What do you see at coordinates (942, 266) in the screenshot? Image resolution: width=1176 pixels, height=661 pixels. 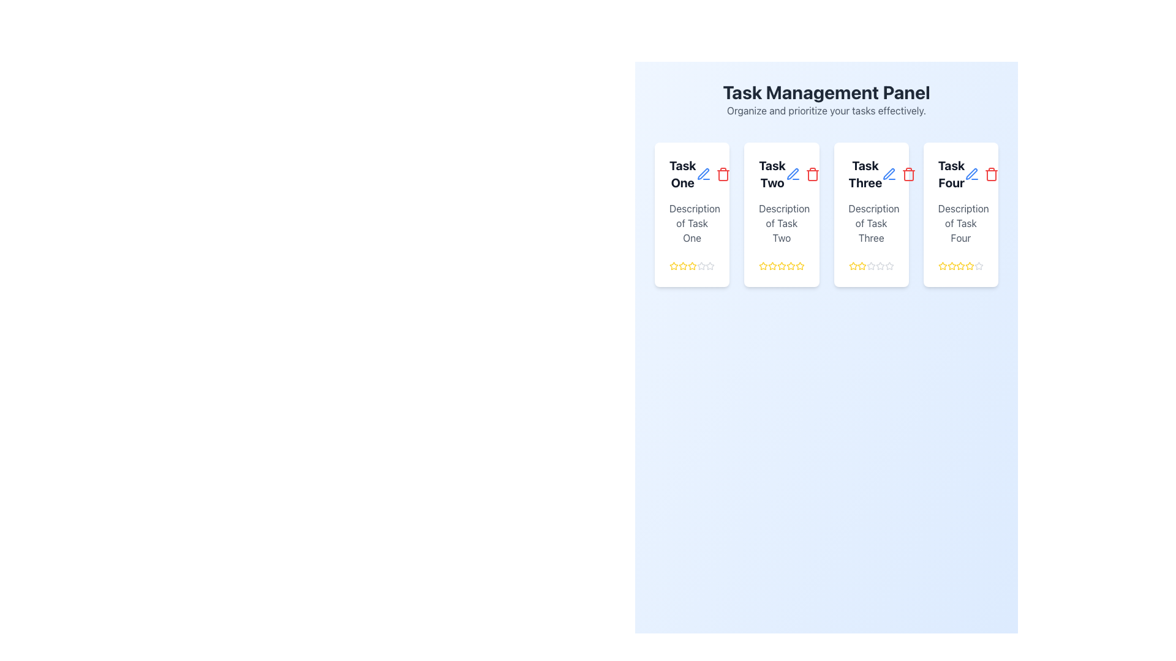 I see `the first star icon in the rating system located under the task description in the card labeled 'Task Four'` at bounding box center [942, 266].